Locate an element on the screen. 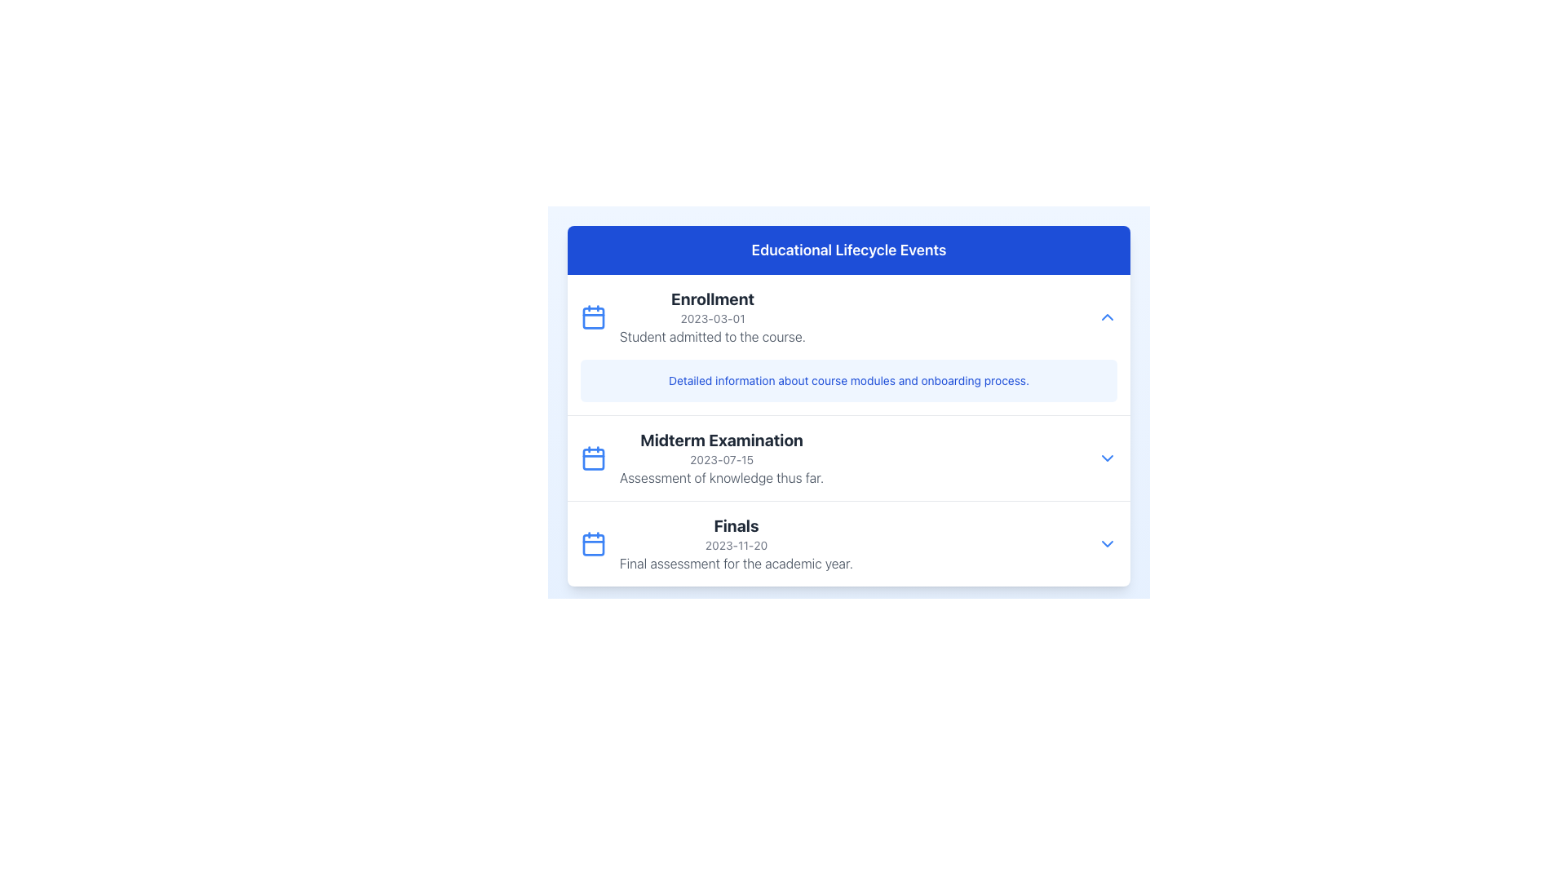  the descriptive text element located under the heading 'Finals' and the date '2023-11-20' within the event section of the card layout is located at coordinates (735, 562).